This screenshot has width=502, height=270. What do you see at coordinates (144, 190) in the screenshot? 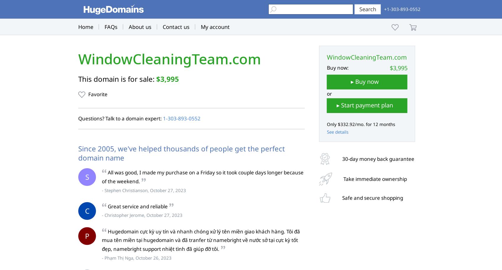
I see `'- Stephen Christianson, October 27, 2023'` at bounding box center [144, 190].